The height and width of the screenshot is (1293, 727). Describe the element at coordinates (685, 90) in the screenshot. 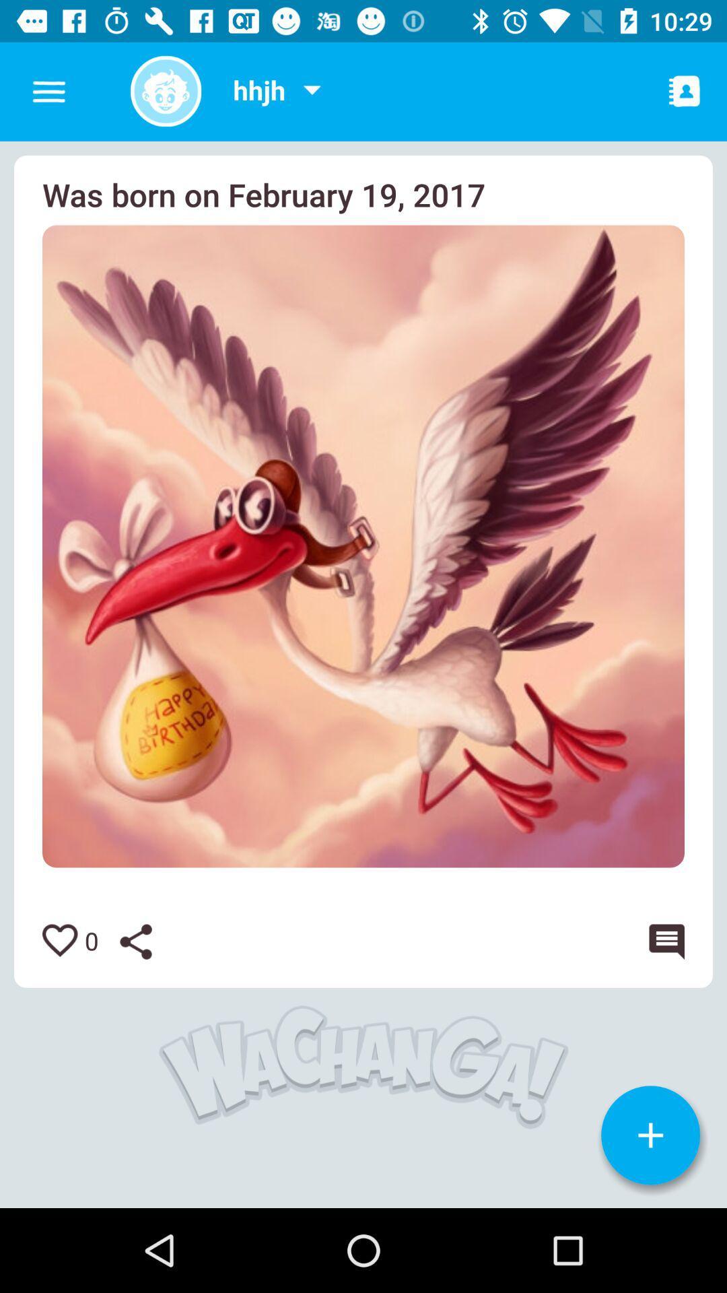

I see `person` at that location.